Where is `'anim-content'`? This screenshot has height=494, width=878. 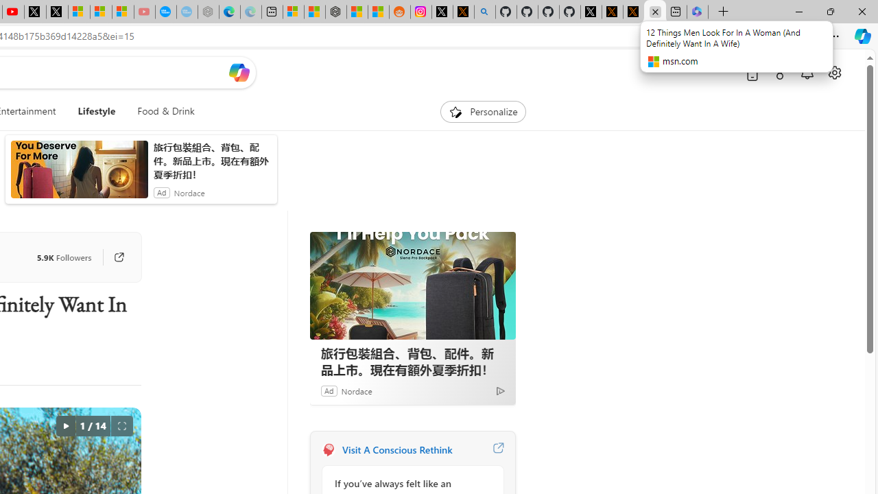 'anim-content' is located at coordinates (78, 174).